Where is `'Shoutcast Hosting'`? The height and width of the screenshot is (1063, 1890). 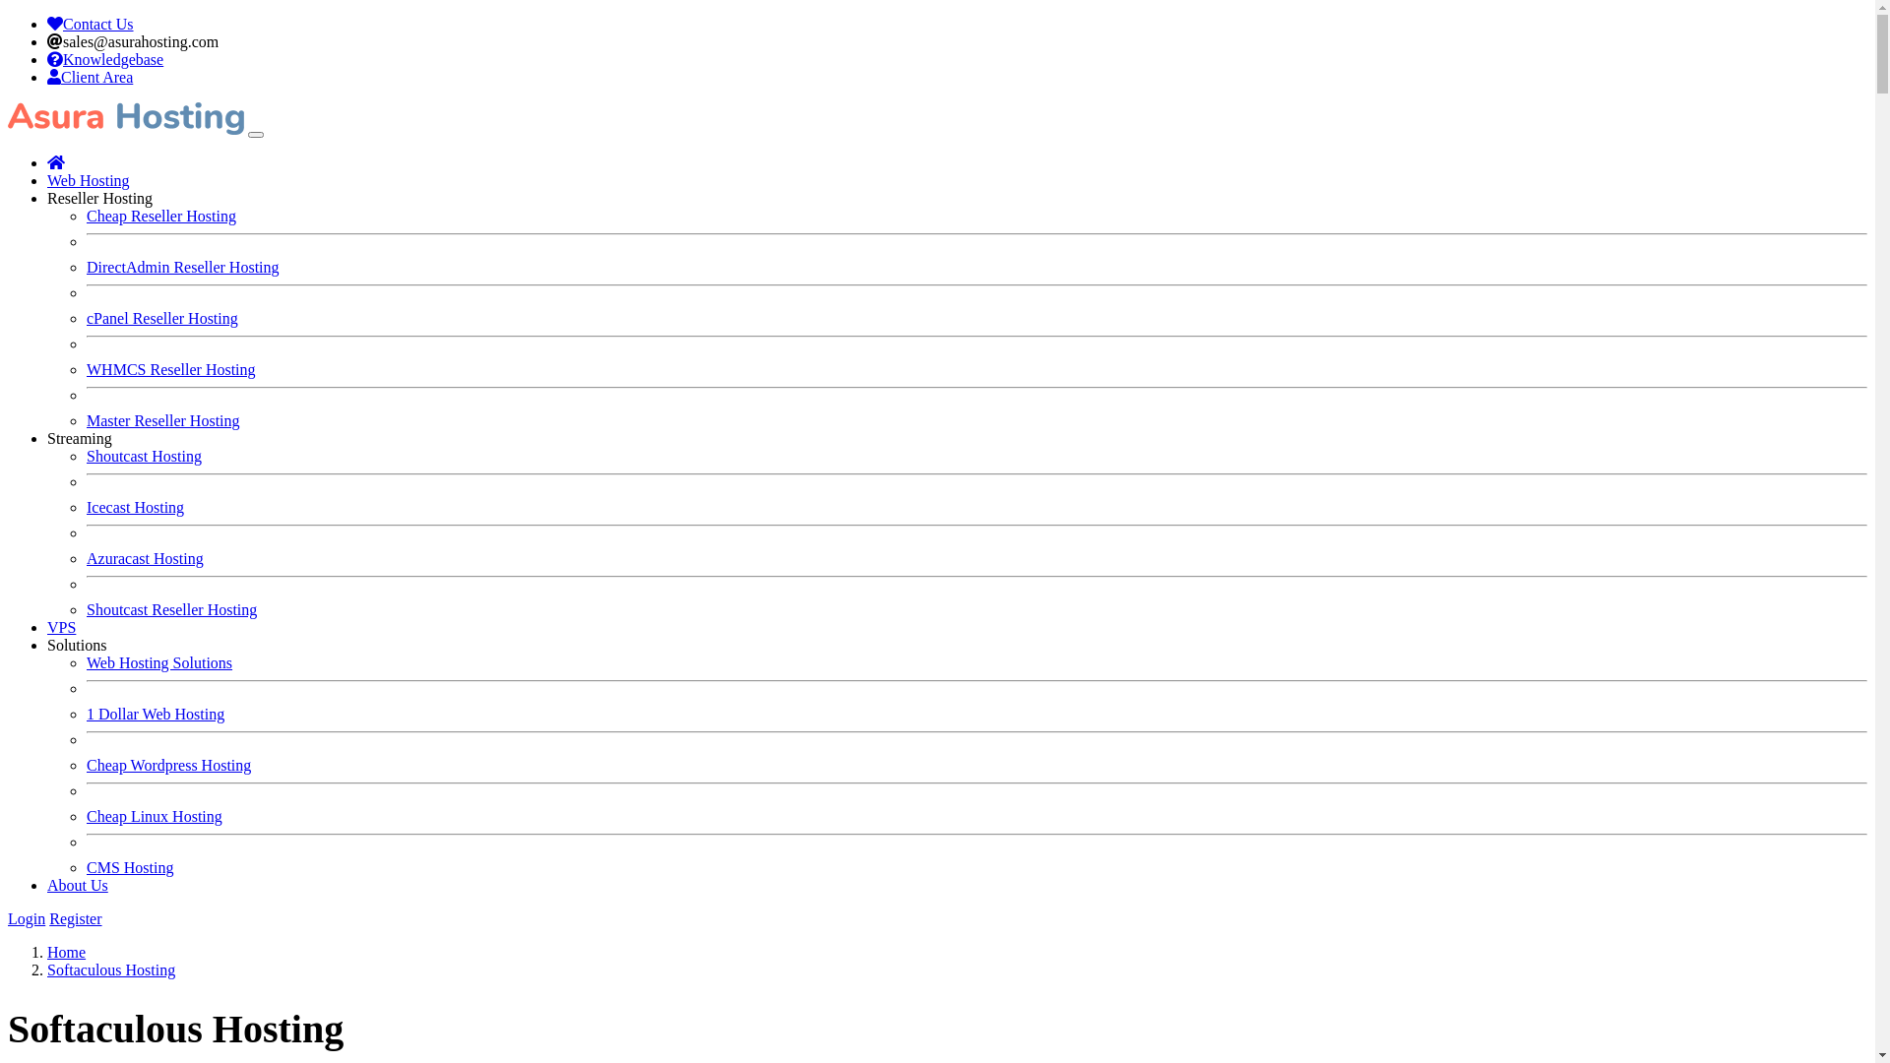
'Shoutcast Hosting' is located at coordinates (143, 456).